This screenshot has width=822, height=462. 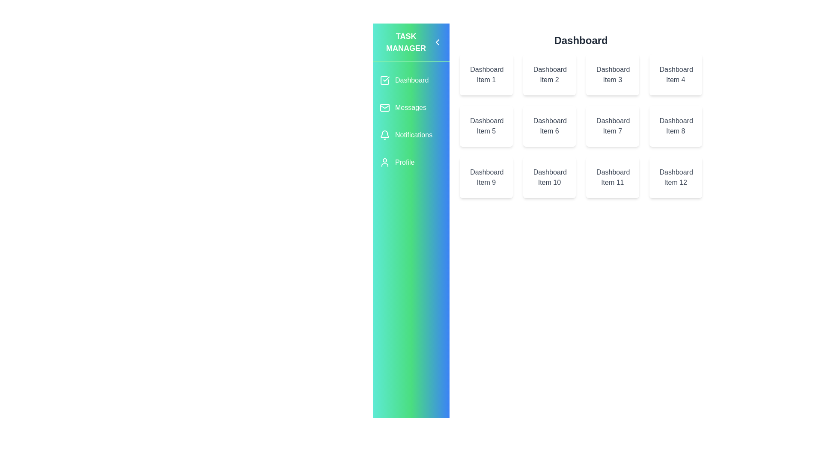 What do you see at coordinates (411, 135) in the screenshot?
I see `the Notifications section in the sidebar` at bounding box center [411, 135].